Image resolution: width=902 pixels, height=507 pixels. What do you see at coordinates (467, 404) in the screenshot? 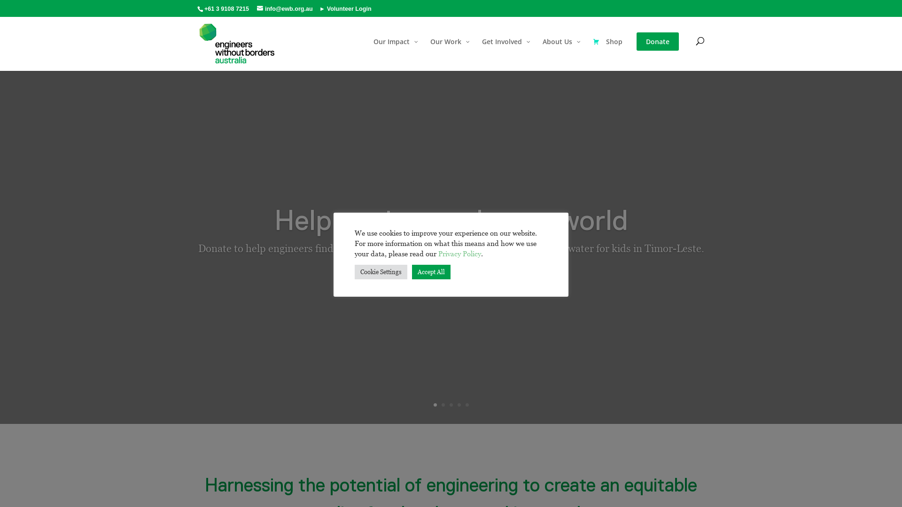
I see `'5'` at bounding box center [467, 404].